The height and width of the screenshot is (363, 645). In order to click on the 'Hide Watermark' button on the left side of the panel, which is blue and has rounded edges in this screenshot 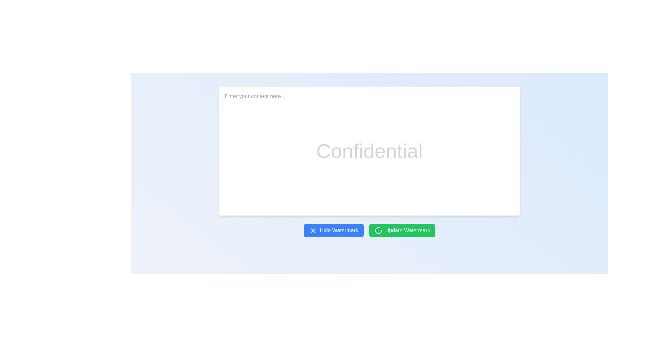, I will do `click(369, 230)`.